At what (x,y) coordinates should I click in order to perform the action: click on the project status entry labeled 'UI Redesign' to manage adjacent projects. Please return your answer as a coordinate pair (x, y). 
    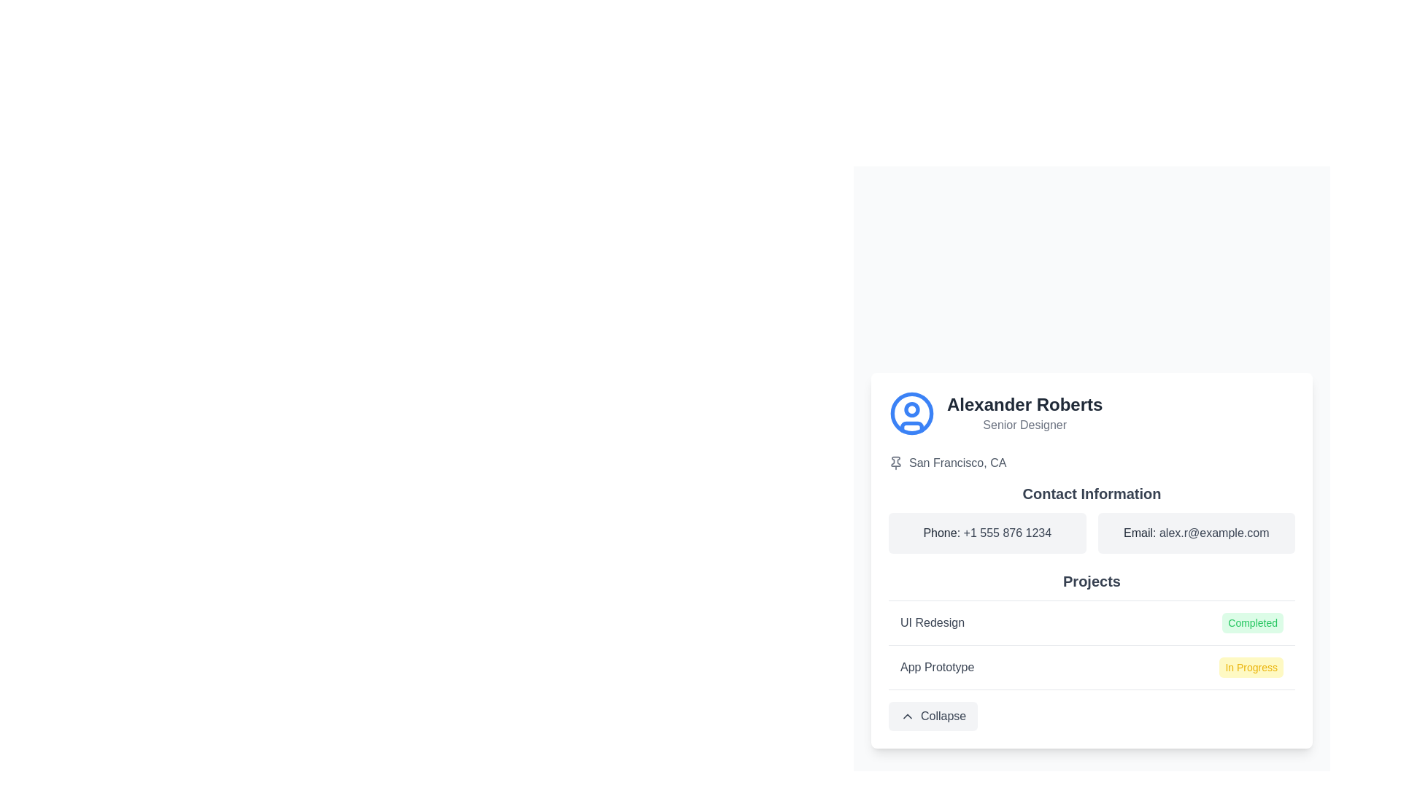
    Looking at the image, I should click on (1092, 622).